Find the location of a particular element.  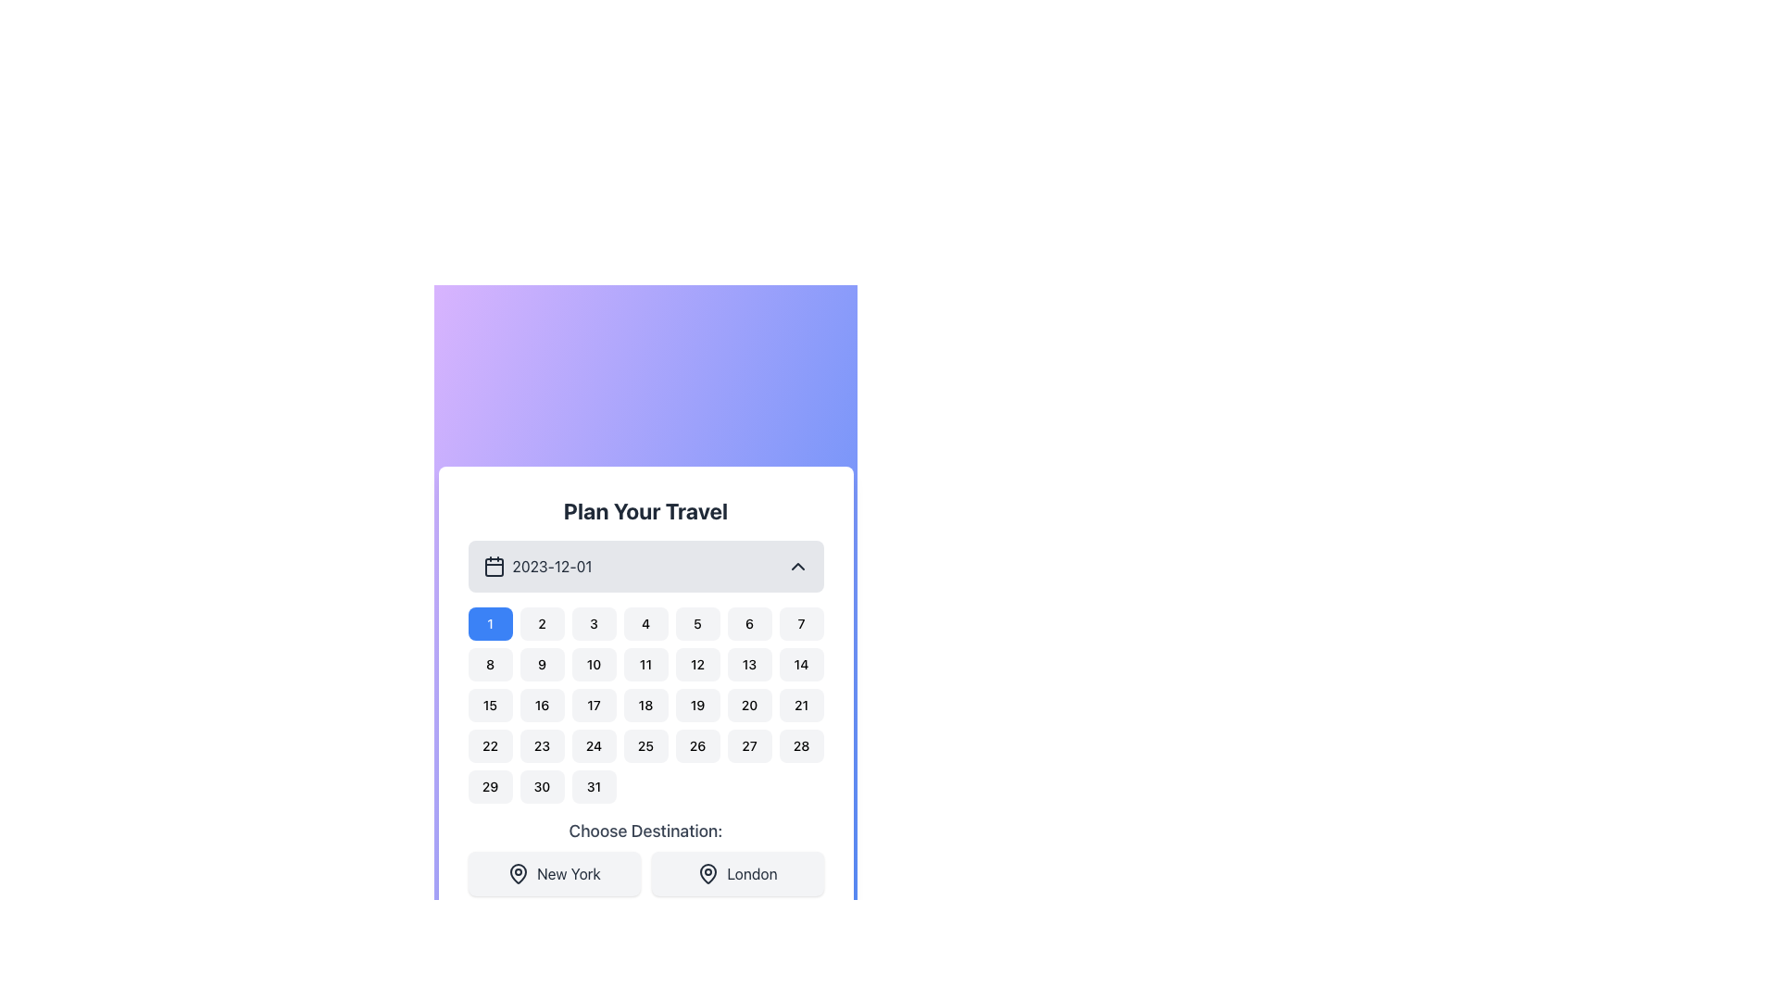

the button labeled '20' with a light gray background in the calendar interface to change its background color to blue is located at coordinates (749, 706).